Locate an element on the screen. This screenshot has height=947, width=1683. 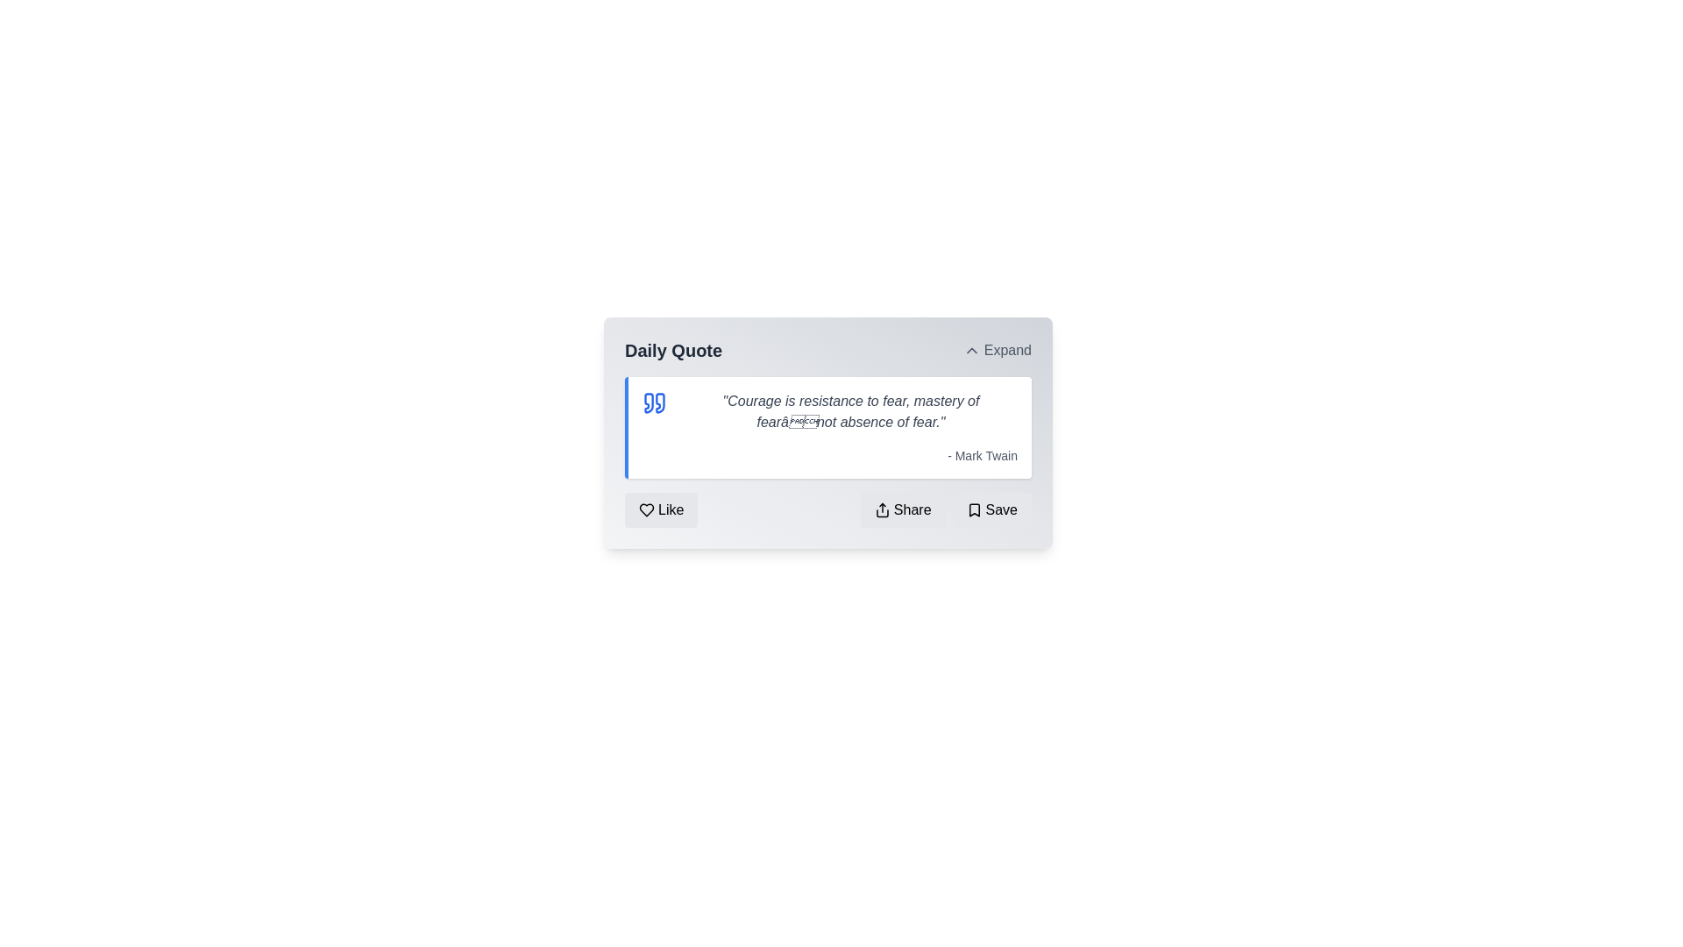
decorative icon that indicates the start of a quoted statement within the 'Daily Quote' card is located at coordinates (654, 402).